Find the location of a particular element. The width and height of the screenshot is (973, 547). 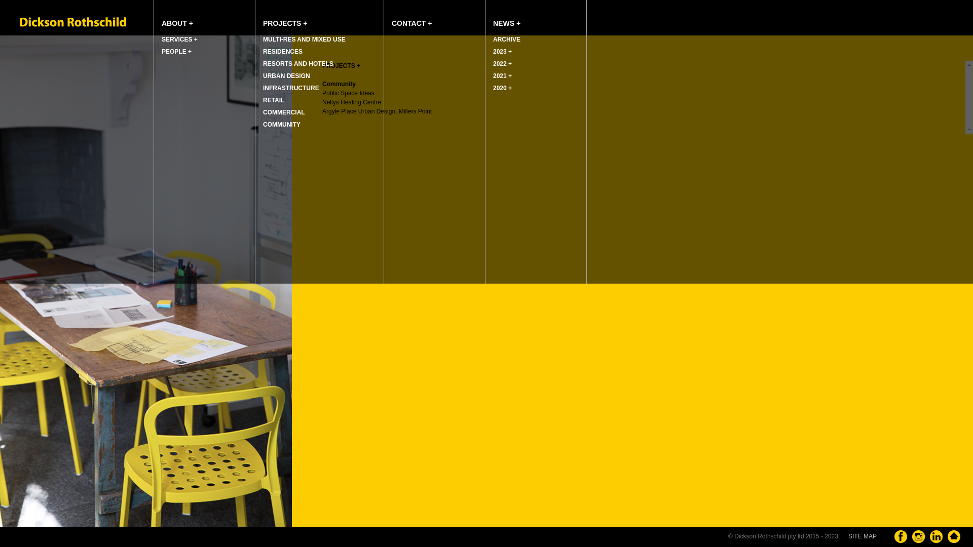

'SITE MAP' is located at coordinates (848, 536).